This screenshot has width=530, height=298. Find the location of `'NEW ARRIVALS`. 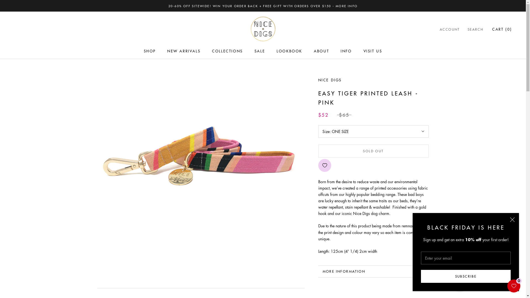

'NEW ARRIVALS is located at coordinates (184, 51).